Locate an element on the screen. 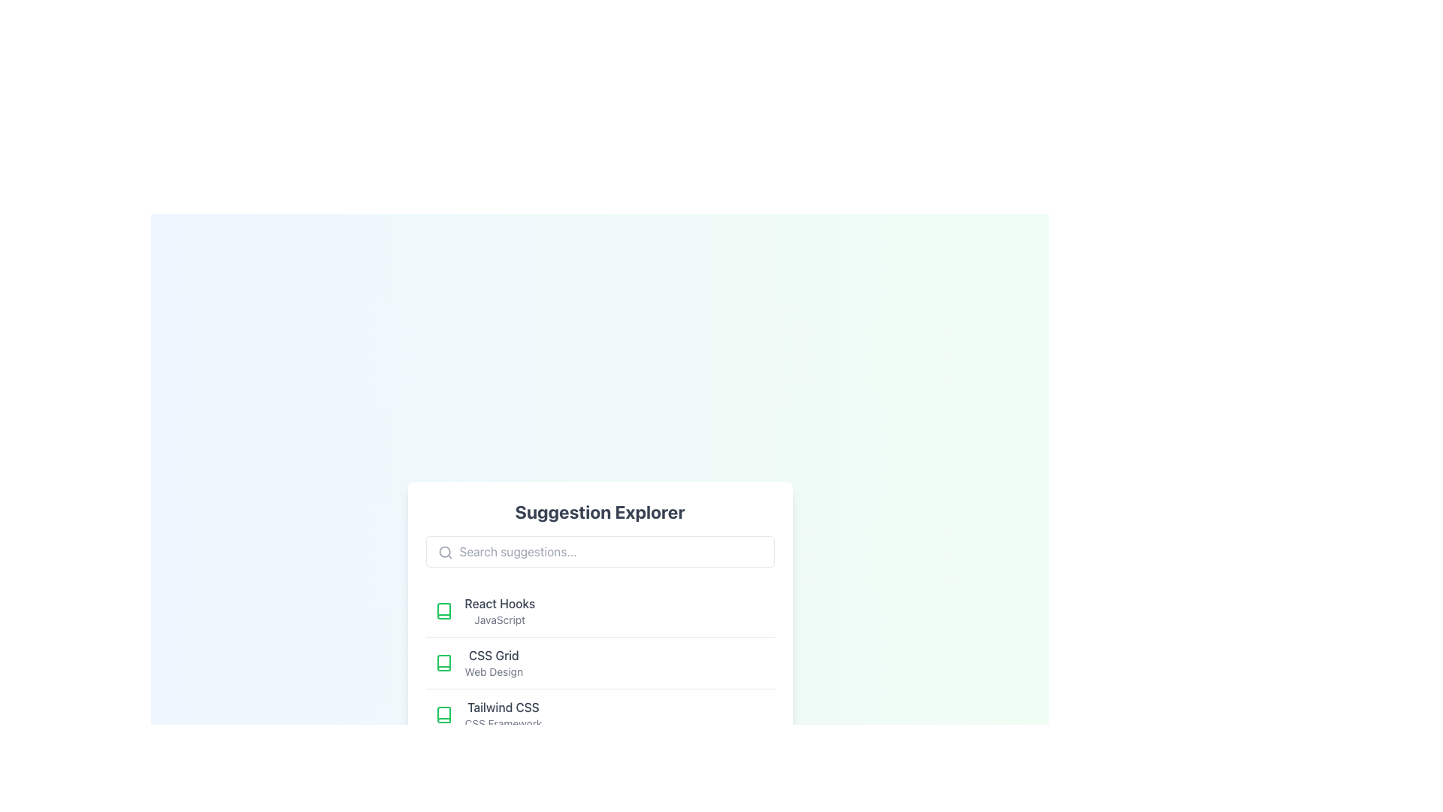 This screenshot has height=812, width=1443. the small gray text label displaying 'CSS Framework' located below 'Tailwind CSS' in the Suggestion Explorer interface is located at coordinates (503, 723).